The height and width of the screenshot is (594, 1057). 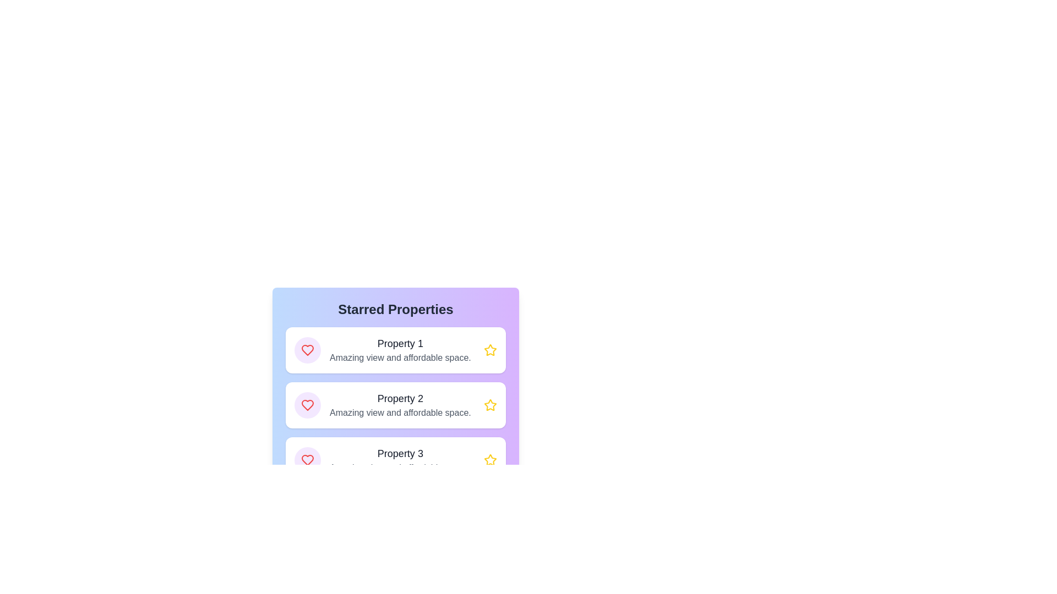 I want to click on the header text displaying 'Starred Properties', which is styled in bold and positioned at the top of a section with a gradient blue and purple background, so click(x=396, y=310).